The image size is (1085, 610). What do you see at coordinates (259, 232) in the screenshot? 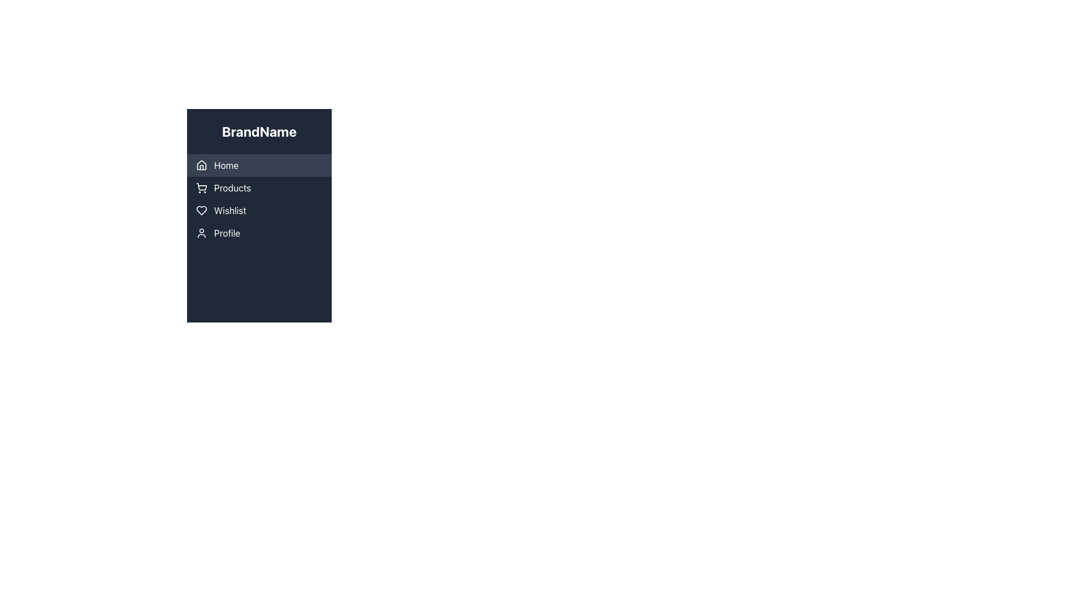
I see `the 'Profile' button in the vertical navigation menu` at bounding box center [259, 232].